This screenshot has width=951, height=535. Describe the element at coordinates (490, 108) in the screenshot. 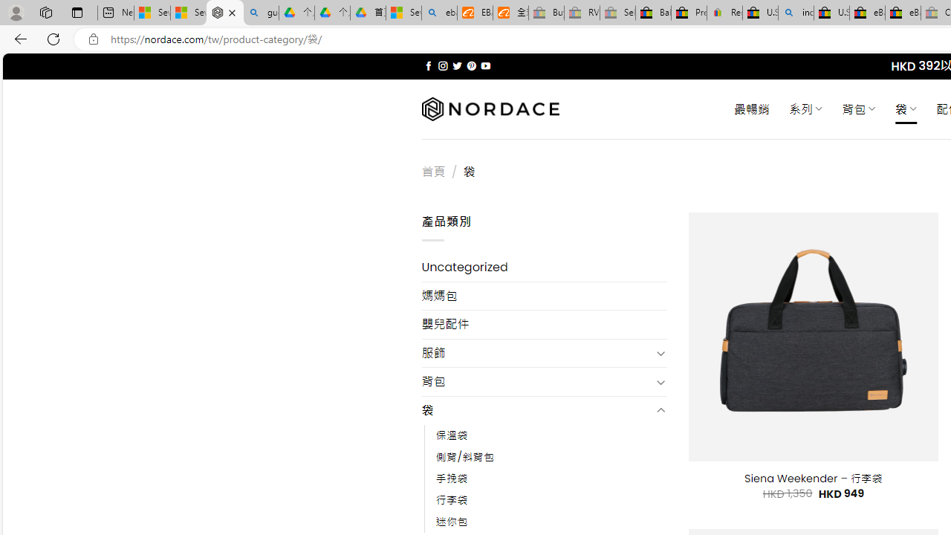

I see `'Nordace'` at that location.